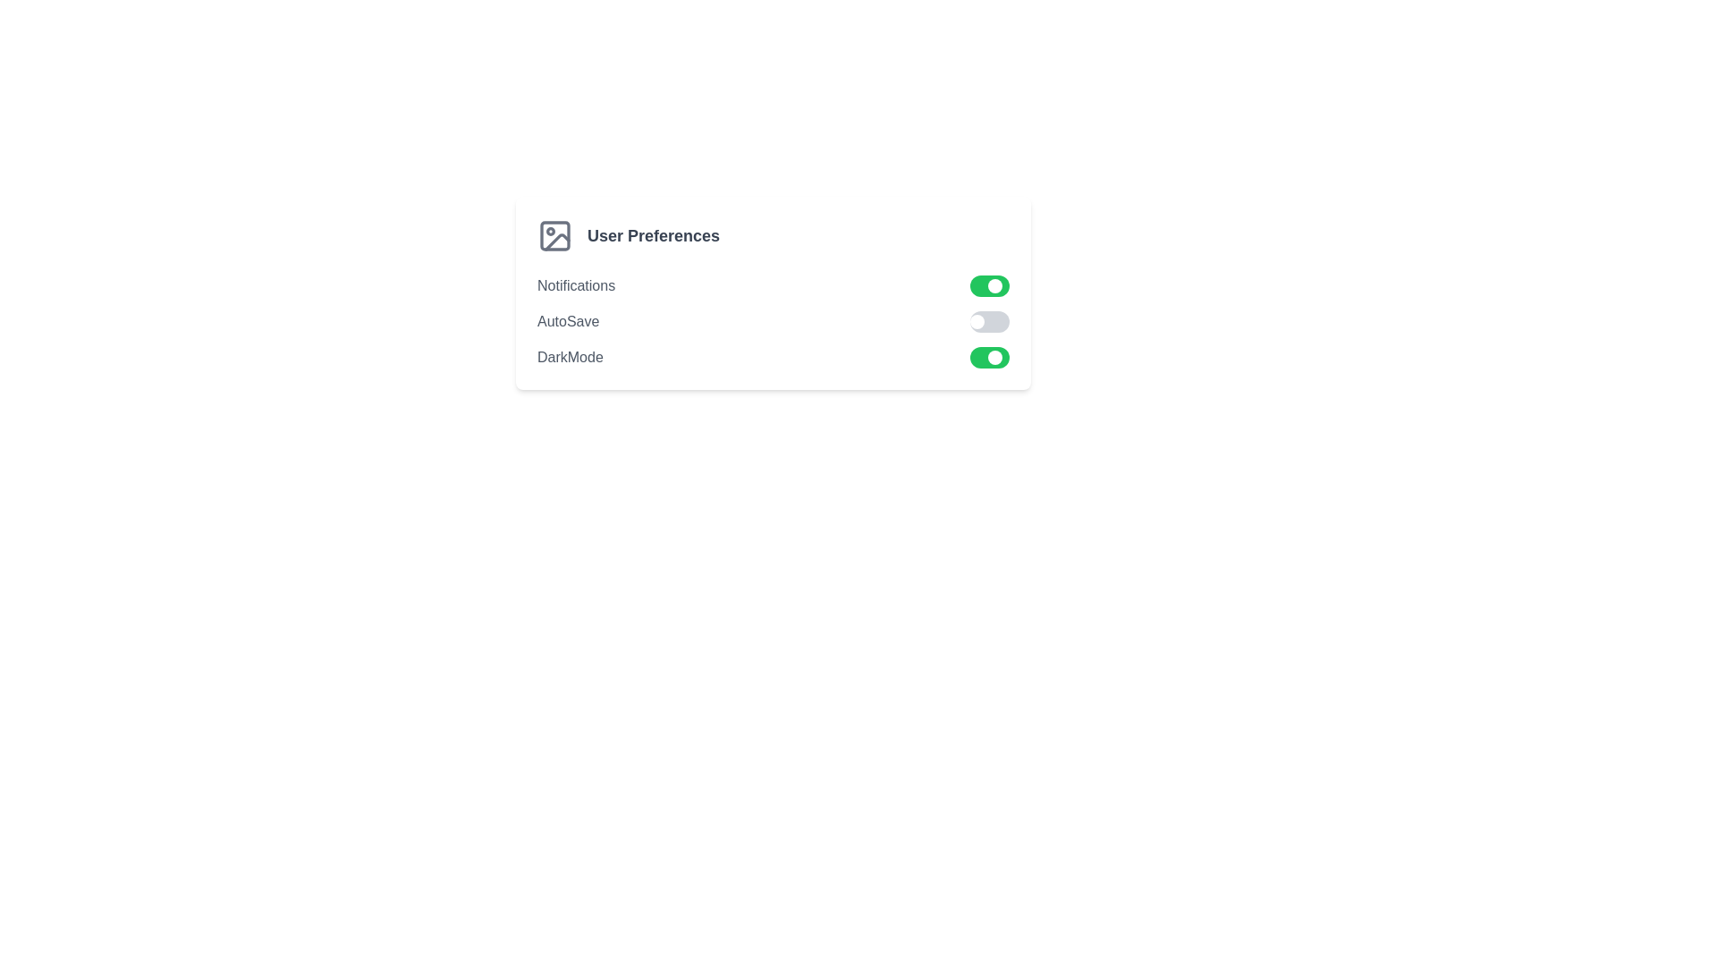  Describe the element at coordinates (994, 285) in the screenshot. I see `the circular toggle handle for the 'Notifications' setting` at that location.